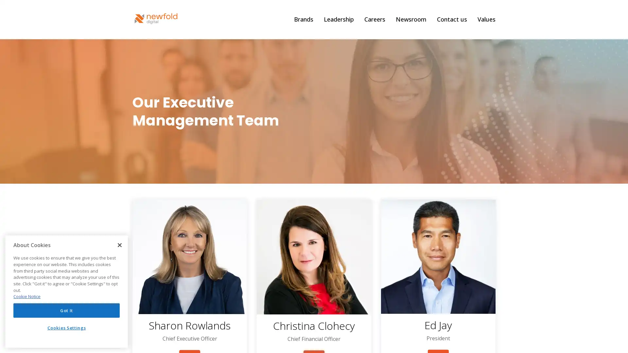  I want to click on Cookies Settings, so click(66, 328).